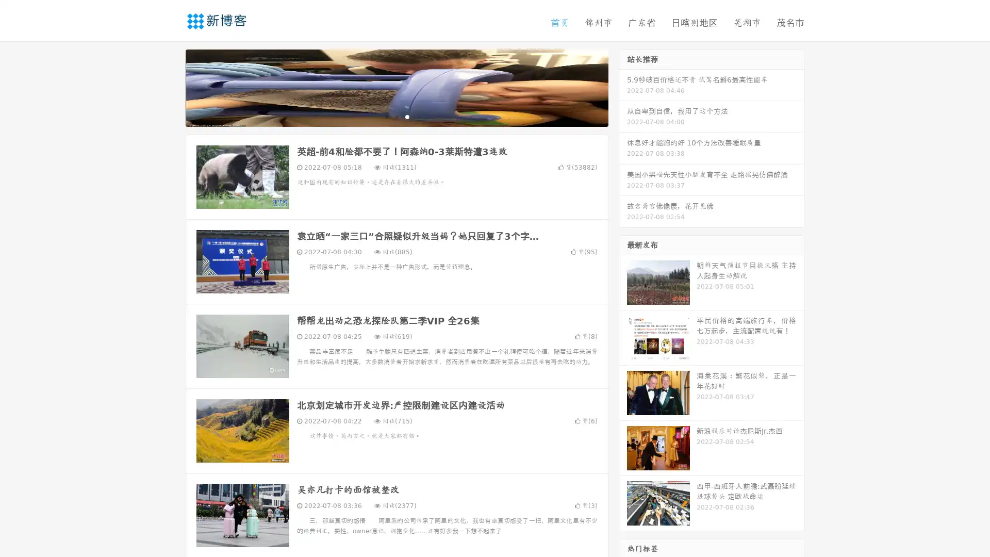 The width and height of the screenshot is (990, 557). I want to click on Next slide, so click(623, 87).